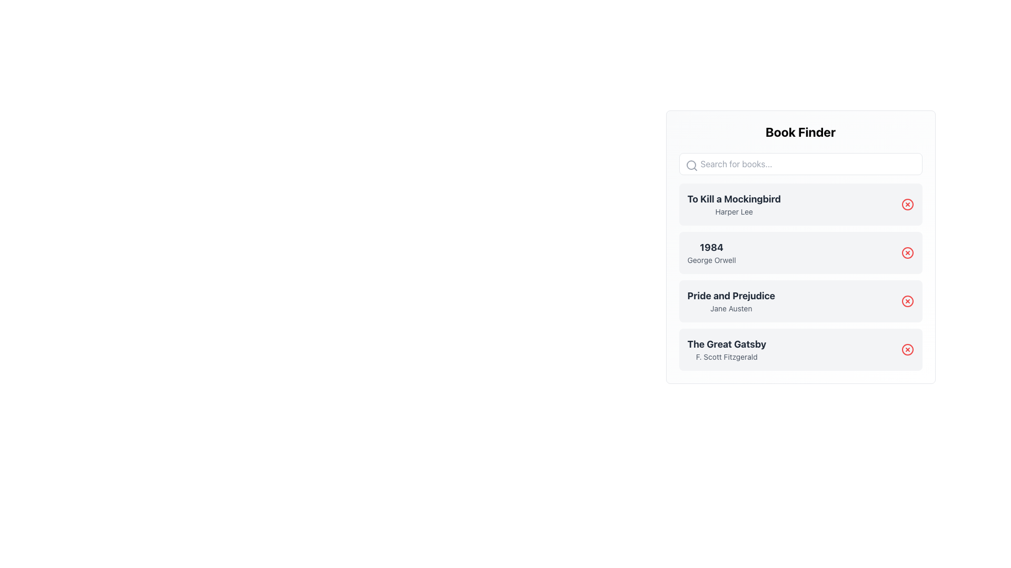 The height and width of the screenshot is (568, 1011). What do you see at coordinates (907, 205) in the screenshot?
I see `the action button icon located at the far right of the first book item titled 'To Kill a Mockingbird'` at bounding box center [907, 205].